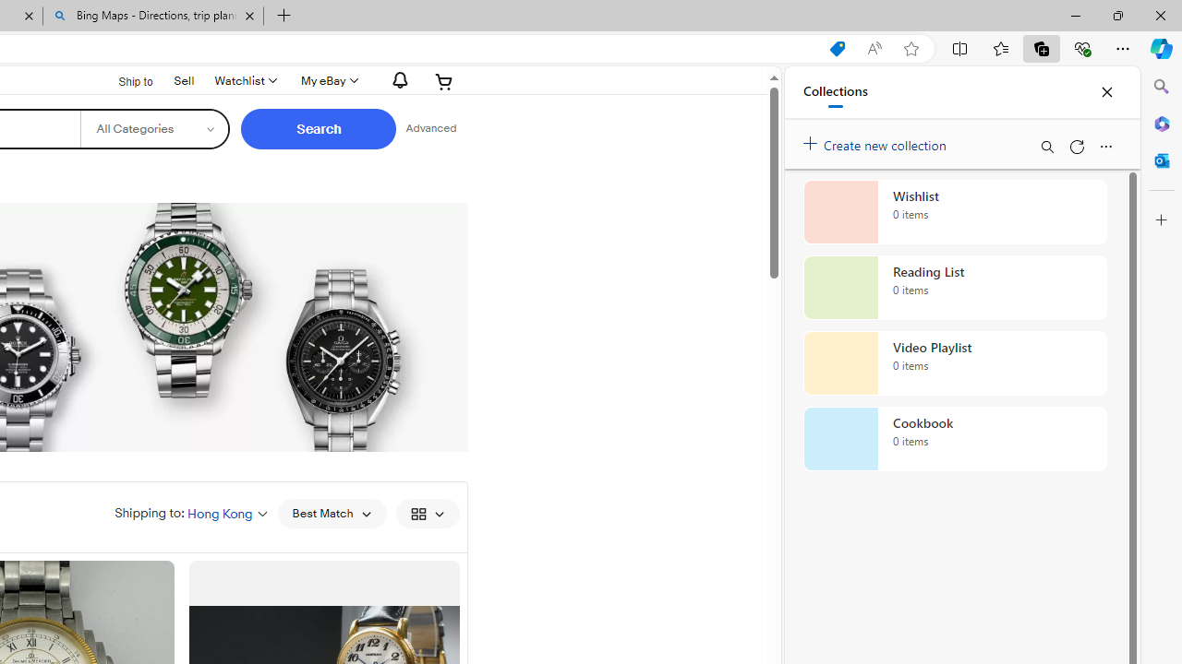 This screenshot has height=664, width=1182. What do you see at coordinates (444, 80) in the screenshot?
I see `'Your shopping cart'` at bounding box center [444, 80].